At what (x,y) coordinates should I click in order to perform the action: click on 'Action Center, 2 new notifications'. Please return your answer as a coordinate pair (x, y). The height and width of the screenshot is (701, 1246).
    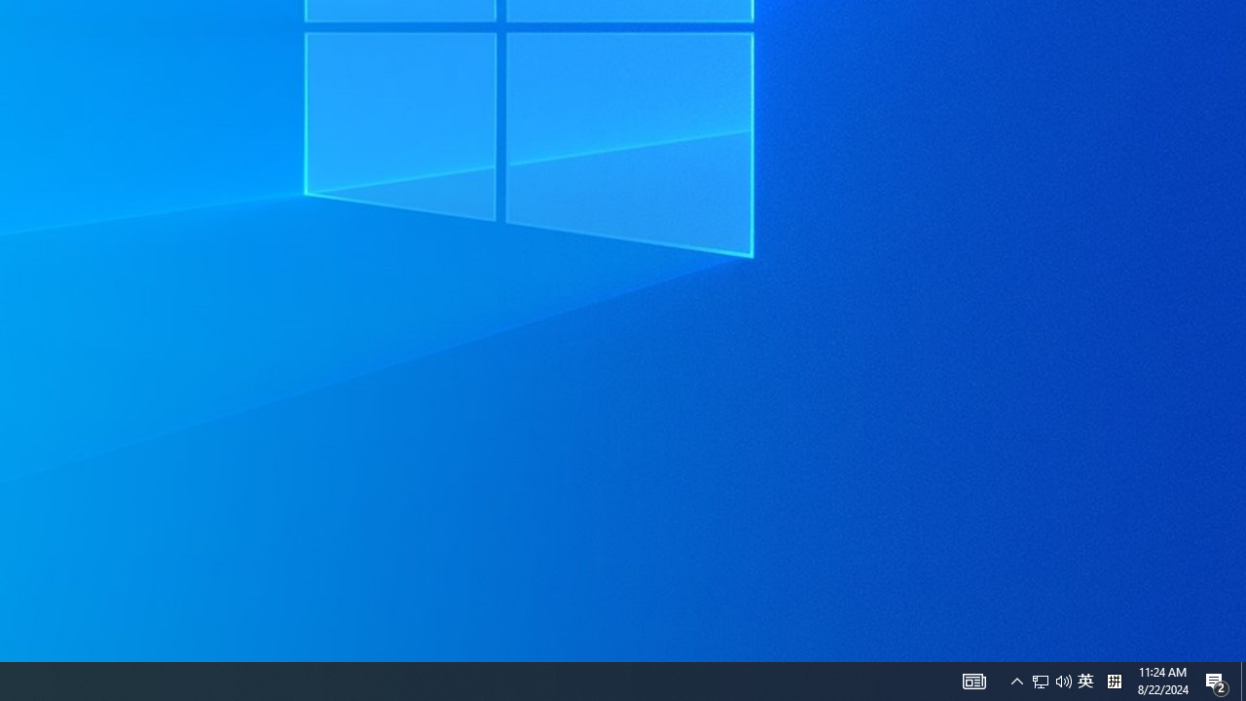
    Looking at the image, I should click on (1242, 680).